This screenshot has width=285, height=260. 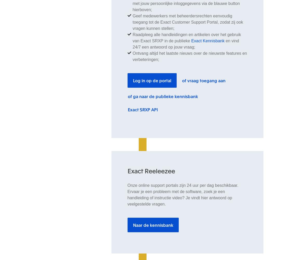 I want to click on 'Ontvang altijd het laatste nieuws over de nieuwste features en verbeteringen;', so click(x=189, y=56).